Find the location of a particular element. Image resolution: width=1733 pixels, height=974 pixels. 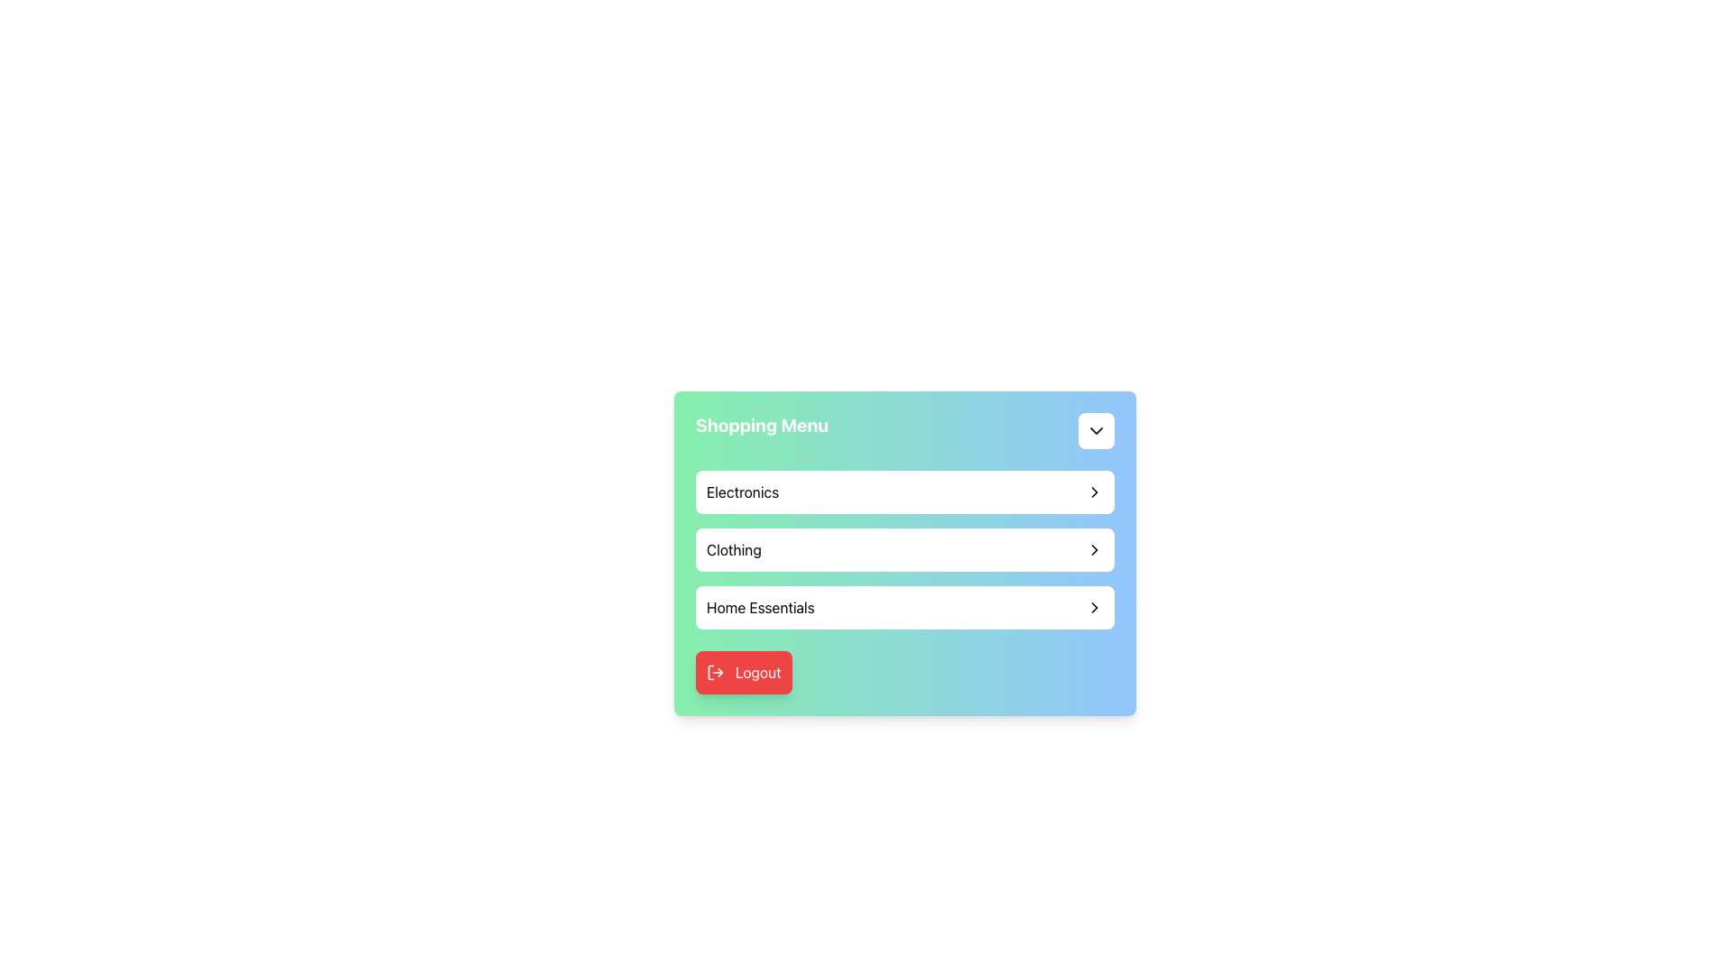

the leftmost portion of the door-shaped icon indicating the logout action within the red Logout button at the bottom of the menu panel is located at coordinates (709, 672).